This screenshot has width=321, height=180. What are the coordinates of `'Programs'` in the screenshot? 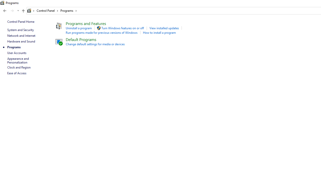 It's located at (68, 10).